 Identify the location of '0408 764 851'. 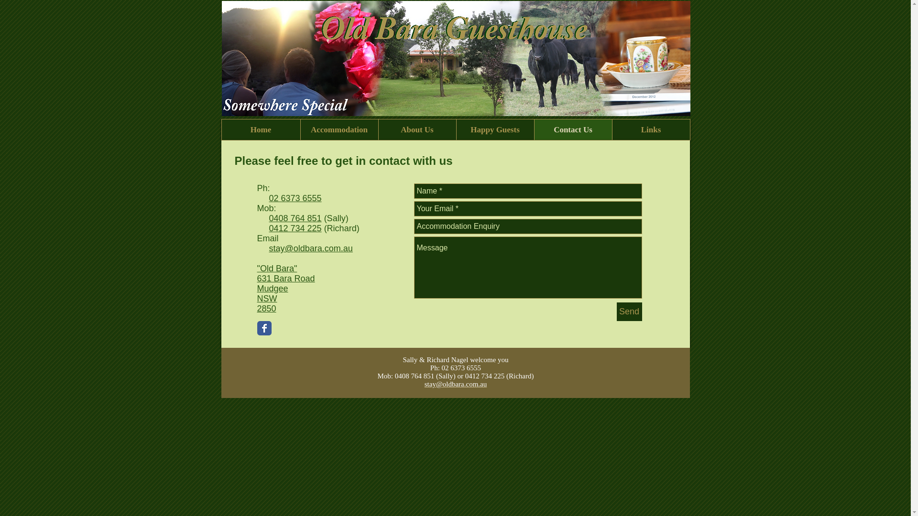
(268, 218).